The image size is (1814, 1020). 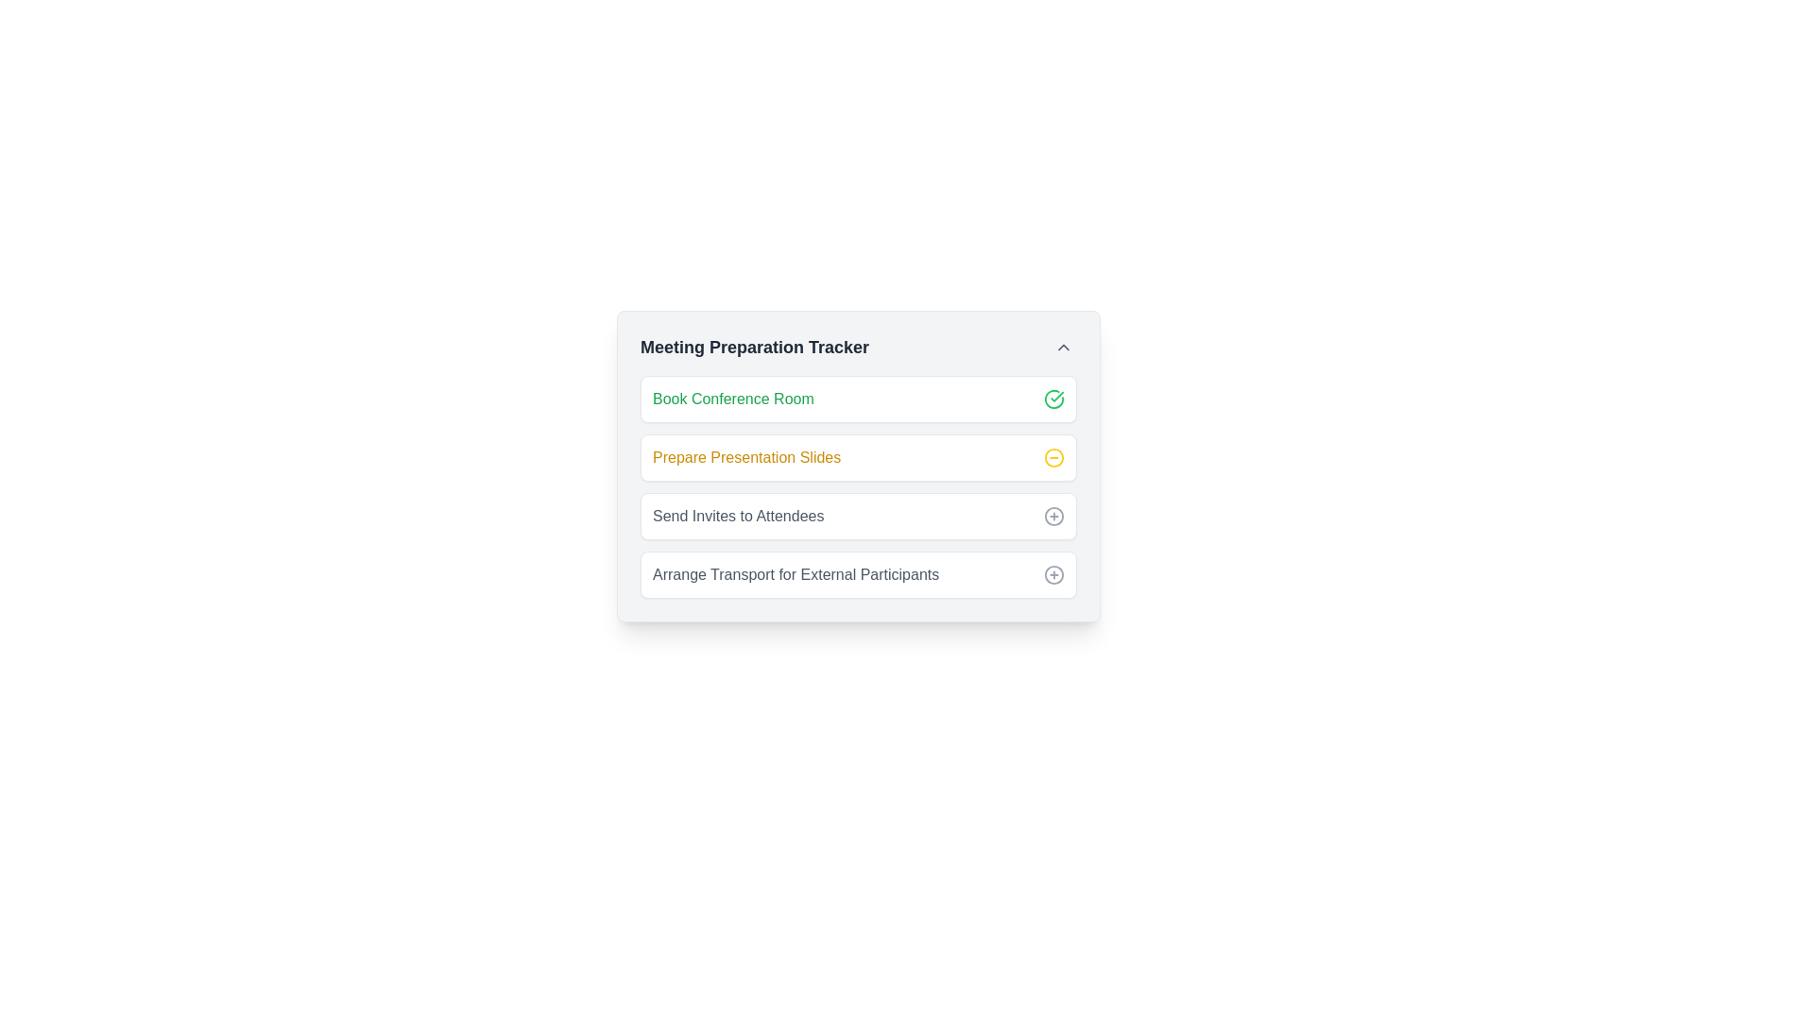 What do you see at coordinates (754, 347) in the screenshot?
I see `Text Label located at the top of the checklist interface, which serves as a section title indicating the purpose of the following checklist items` at bounding box center [754, 347].